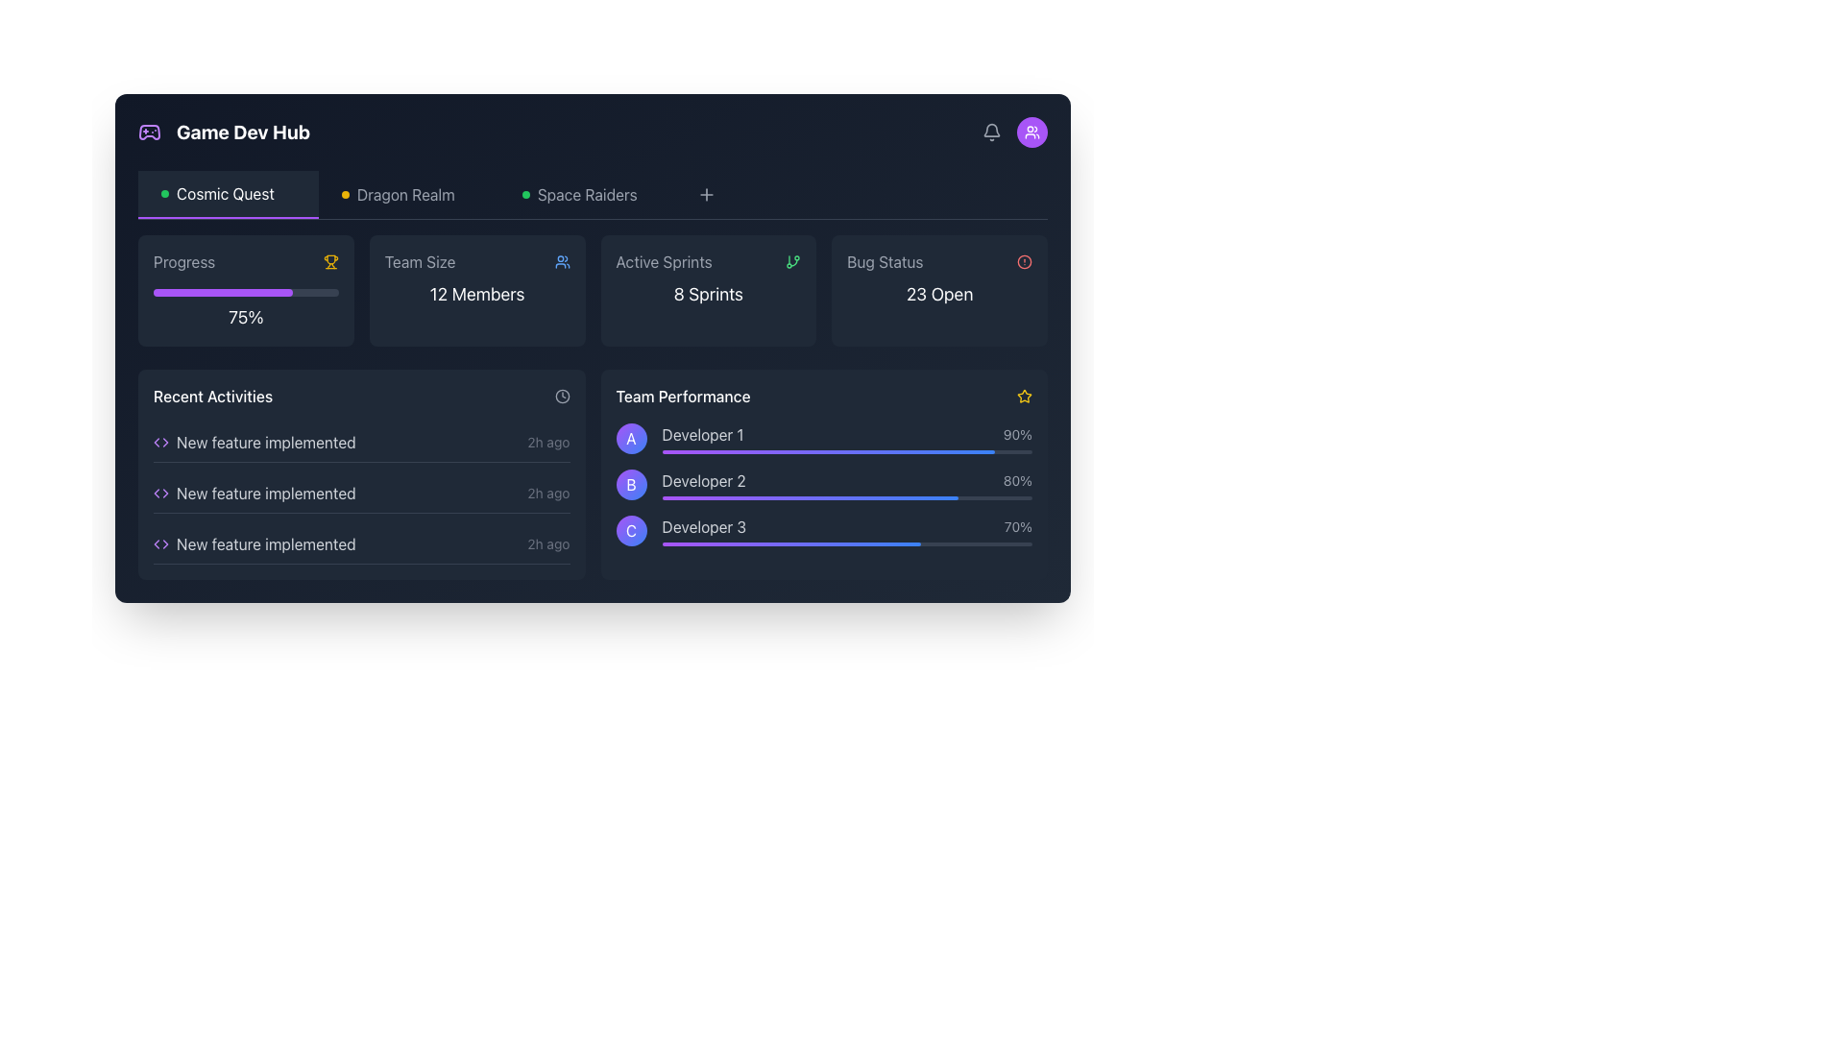  I want to click on the icon in the top-right corner of the 'Recent Activities' section, which represents time or recency, so click(561, 395).